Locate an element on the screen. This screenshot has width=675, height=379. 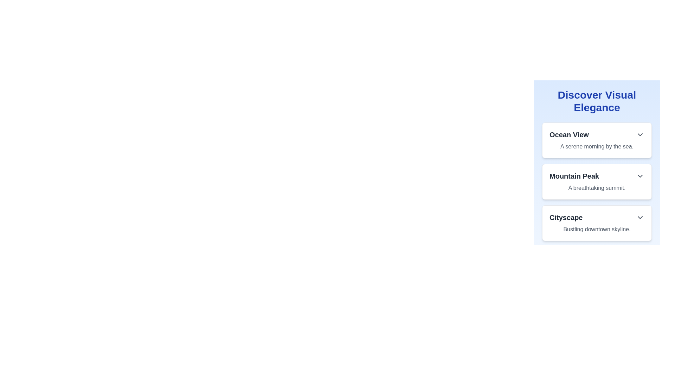
any subsection within the Section with selectable cards or categories located on the right side of the interface, below the header 'Discover Visual Elegance' is located at coordinates (597, 158).